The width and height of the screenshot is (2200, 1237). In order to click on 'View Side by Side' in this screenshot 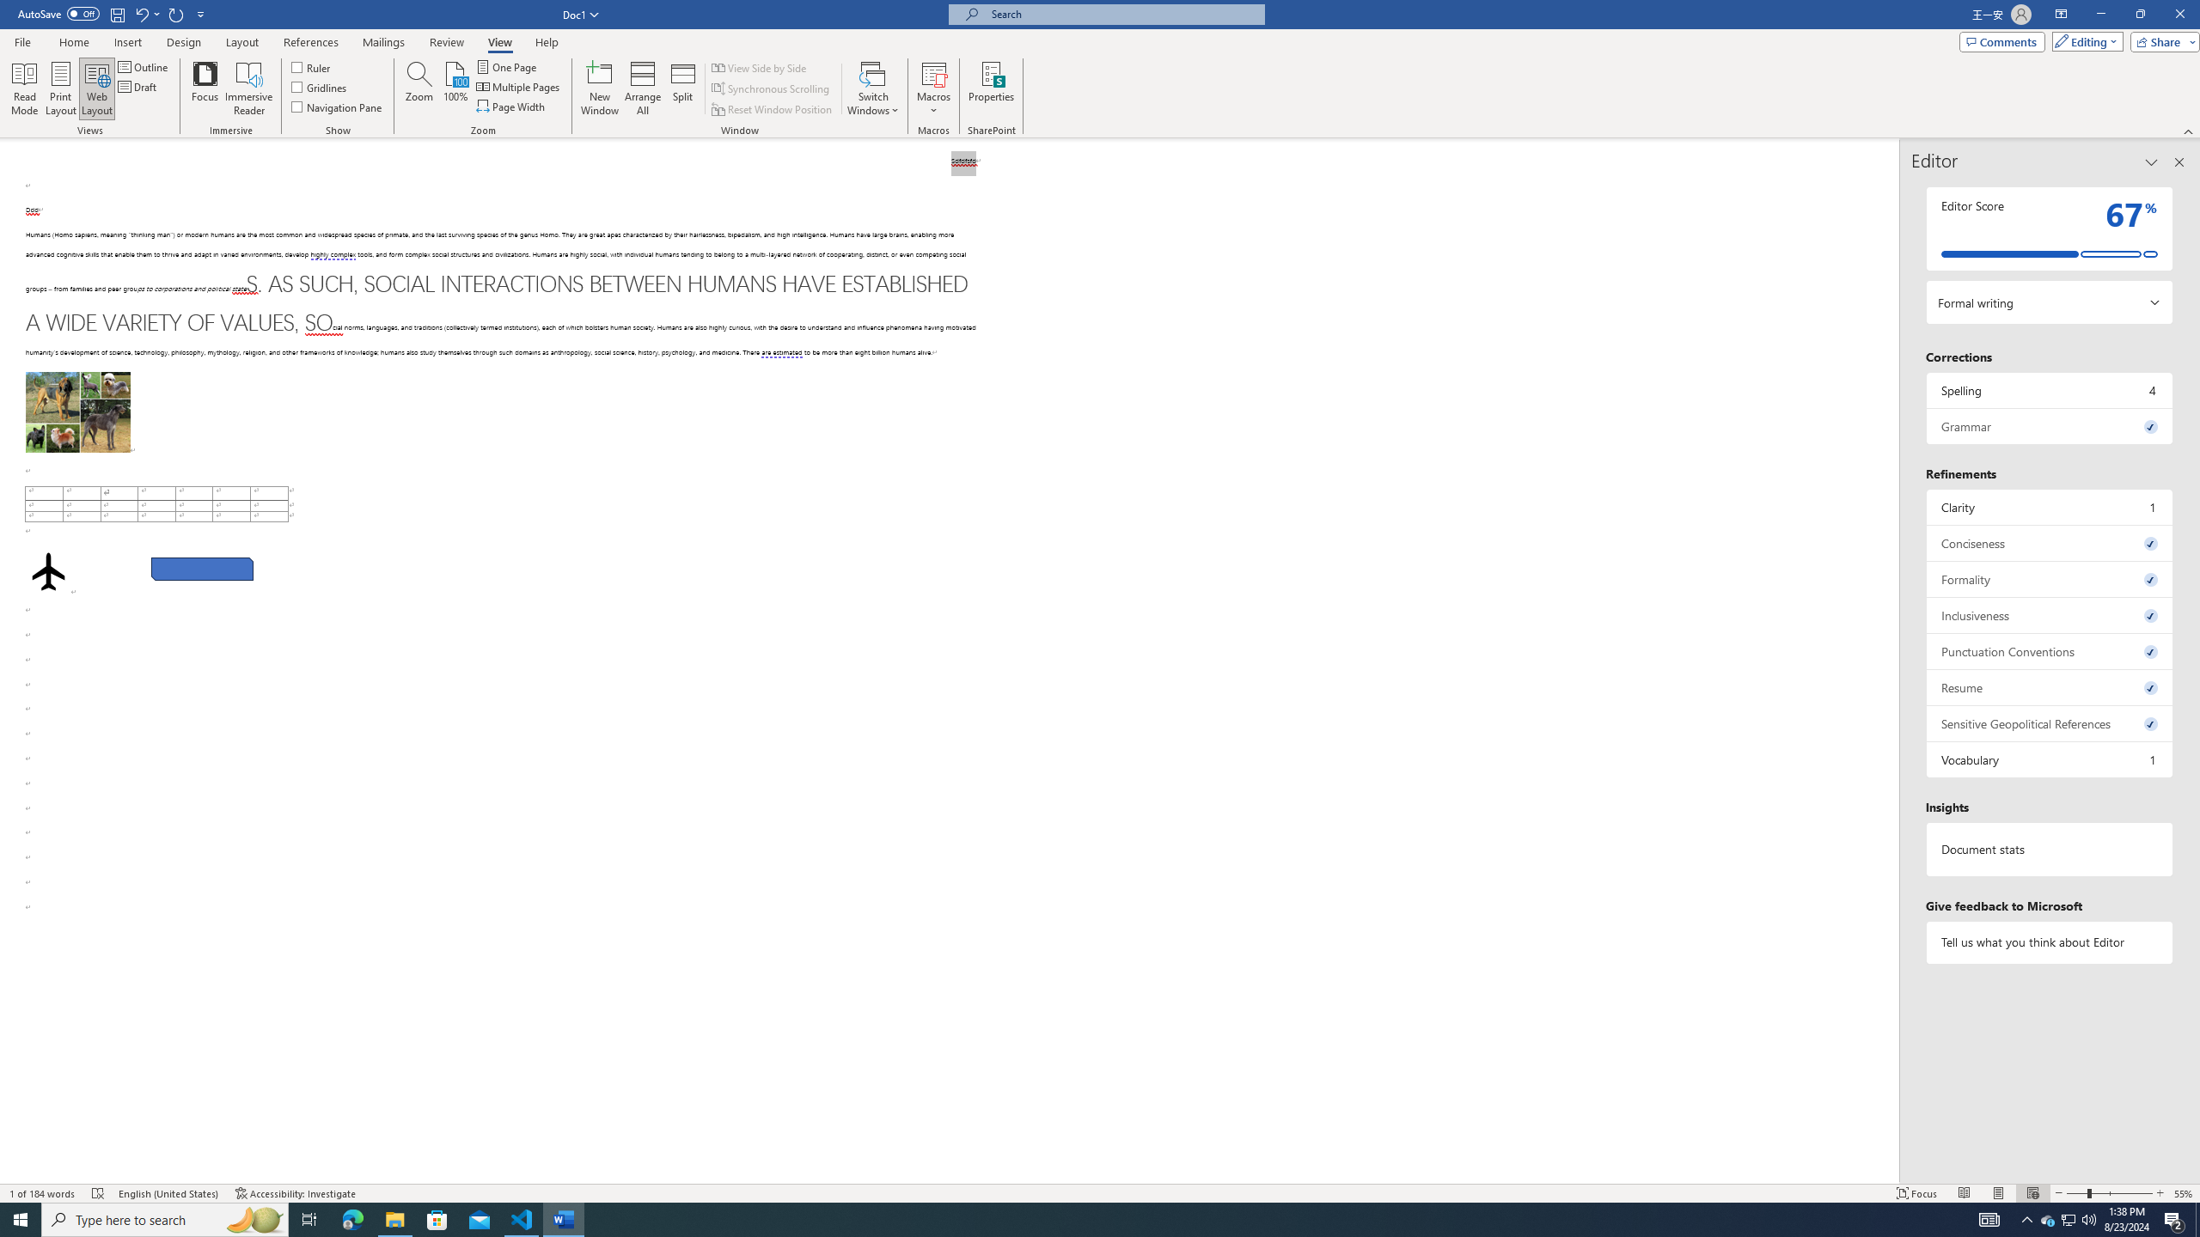, I will do `click(760, 67)`.